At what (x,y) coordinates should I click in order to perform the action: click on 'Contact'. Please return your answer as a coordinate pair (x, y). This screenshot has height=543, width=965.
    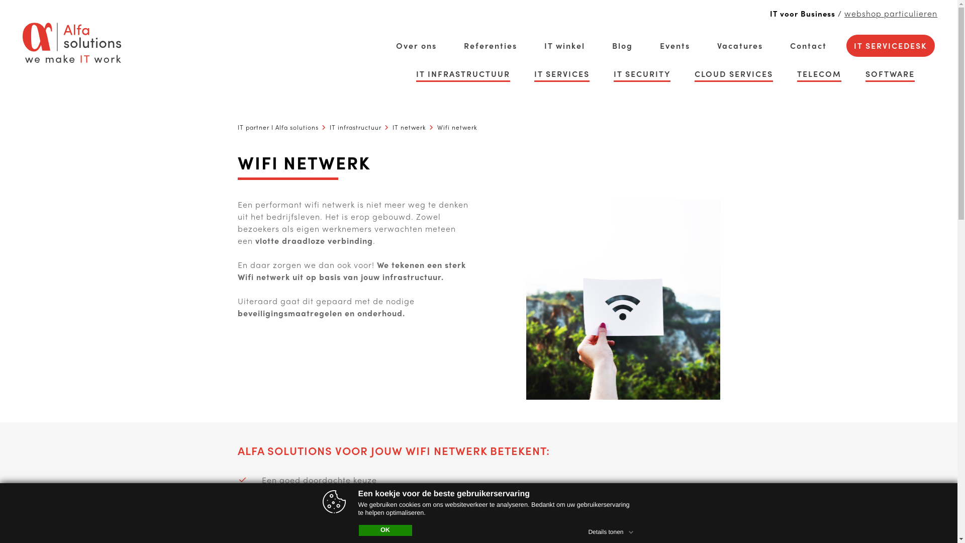
    Looking at the image, I should click on (808, 46).